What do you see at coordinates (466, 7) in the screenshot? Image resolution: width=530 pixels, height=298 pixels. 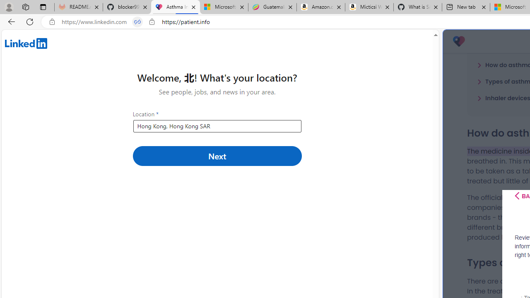 I see `'New tab'` at bounding box center [466, 7].